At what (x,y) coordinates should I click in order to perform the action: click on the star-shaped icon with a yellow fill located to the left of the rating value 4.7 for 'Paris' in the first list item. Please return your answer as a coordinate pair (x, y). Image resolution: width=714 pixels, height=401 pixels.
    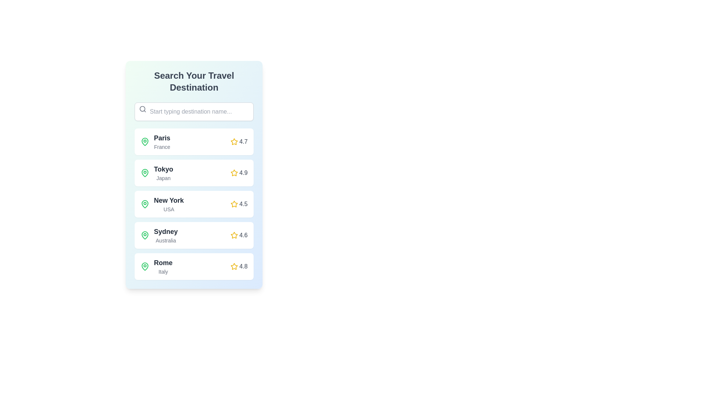
    Looking at the image, I should click on (234, 141).